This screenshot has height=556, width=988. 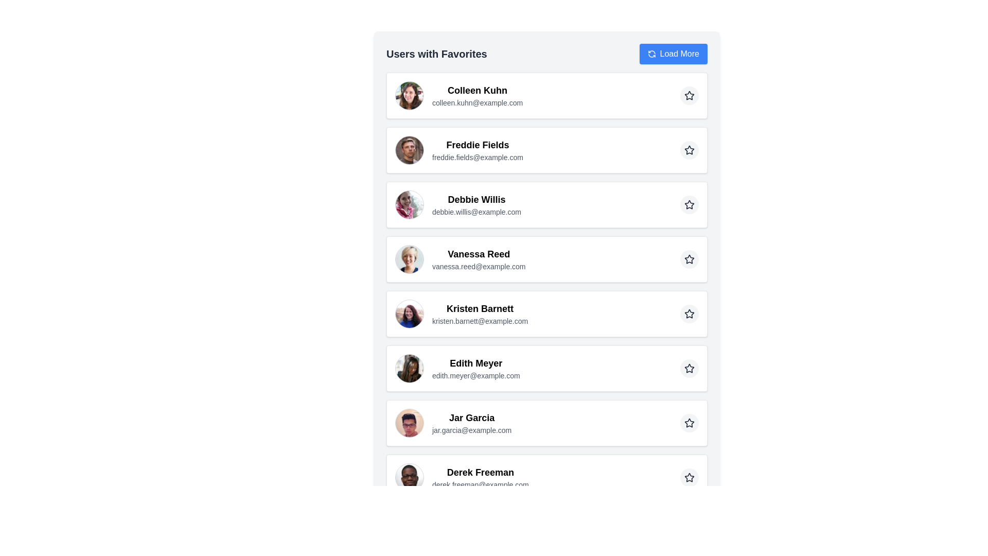 I want to click on the interactive star icon located to the right of the 'Edith Meyer' user profile to potentially see a tooltip or status, so click(x=689, y=368).